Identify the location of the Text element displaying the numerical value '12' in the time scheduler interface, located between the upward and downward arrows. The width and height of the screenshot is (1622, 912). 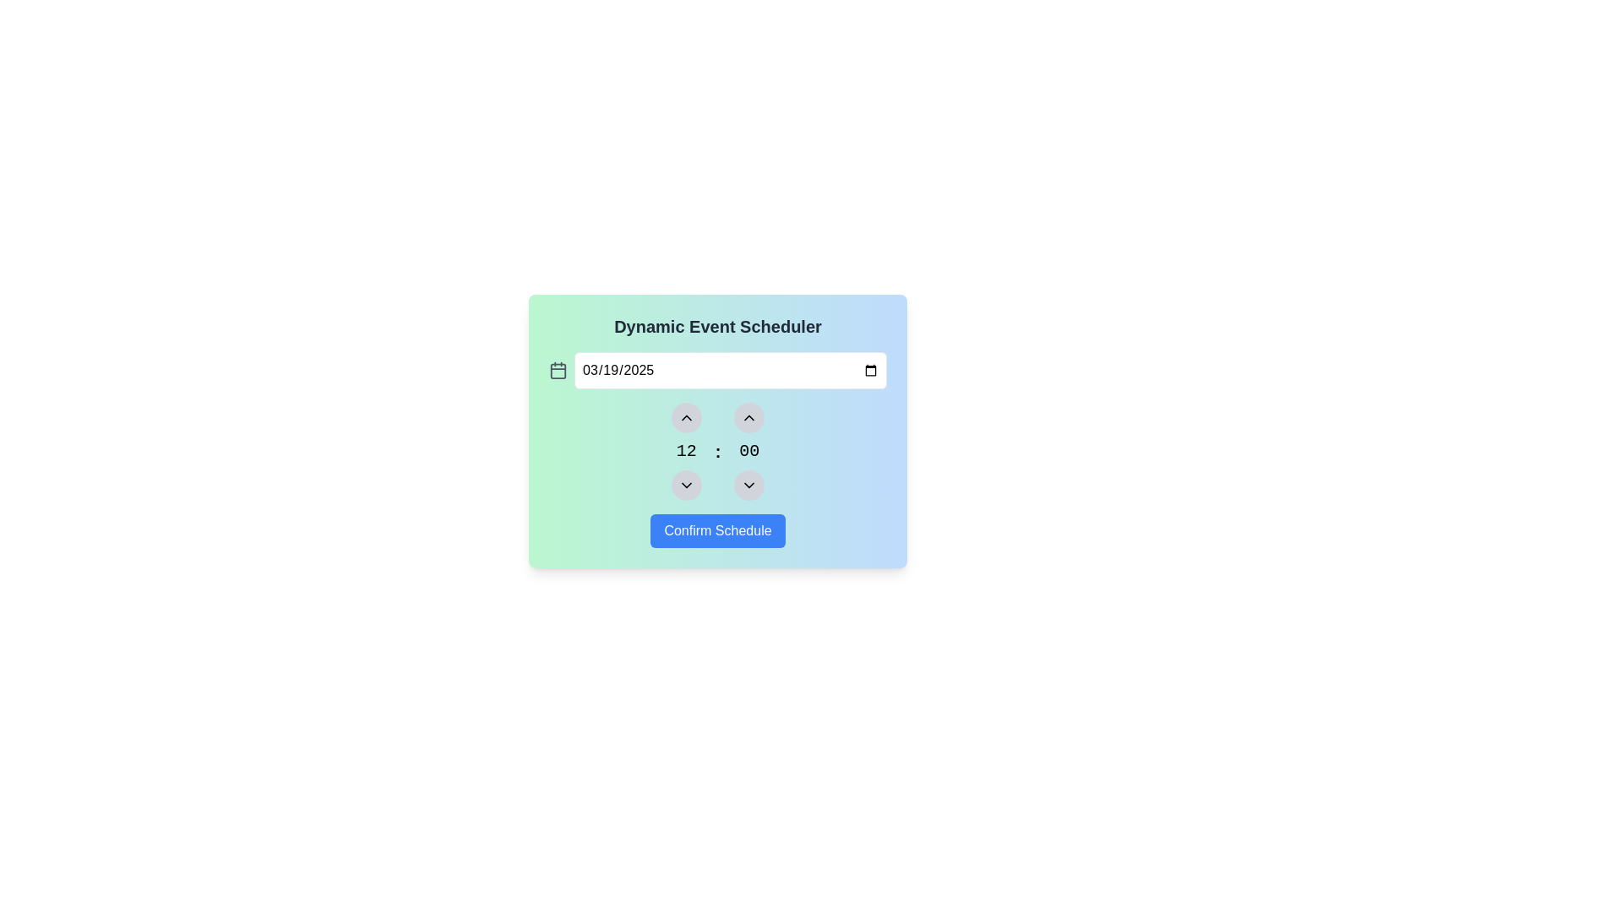
(686, 451).